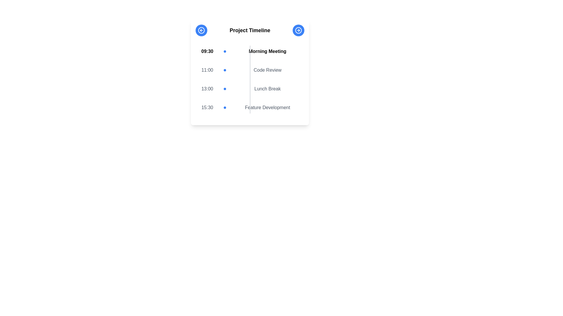  What do you see at coordinates (267, 51) in the screenshot?
I see `the 'Morning Meeting' text label, which describes an event scheduled at 09:30, located in the top-left section of the timeline interface` at bounding box center [267, 51].